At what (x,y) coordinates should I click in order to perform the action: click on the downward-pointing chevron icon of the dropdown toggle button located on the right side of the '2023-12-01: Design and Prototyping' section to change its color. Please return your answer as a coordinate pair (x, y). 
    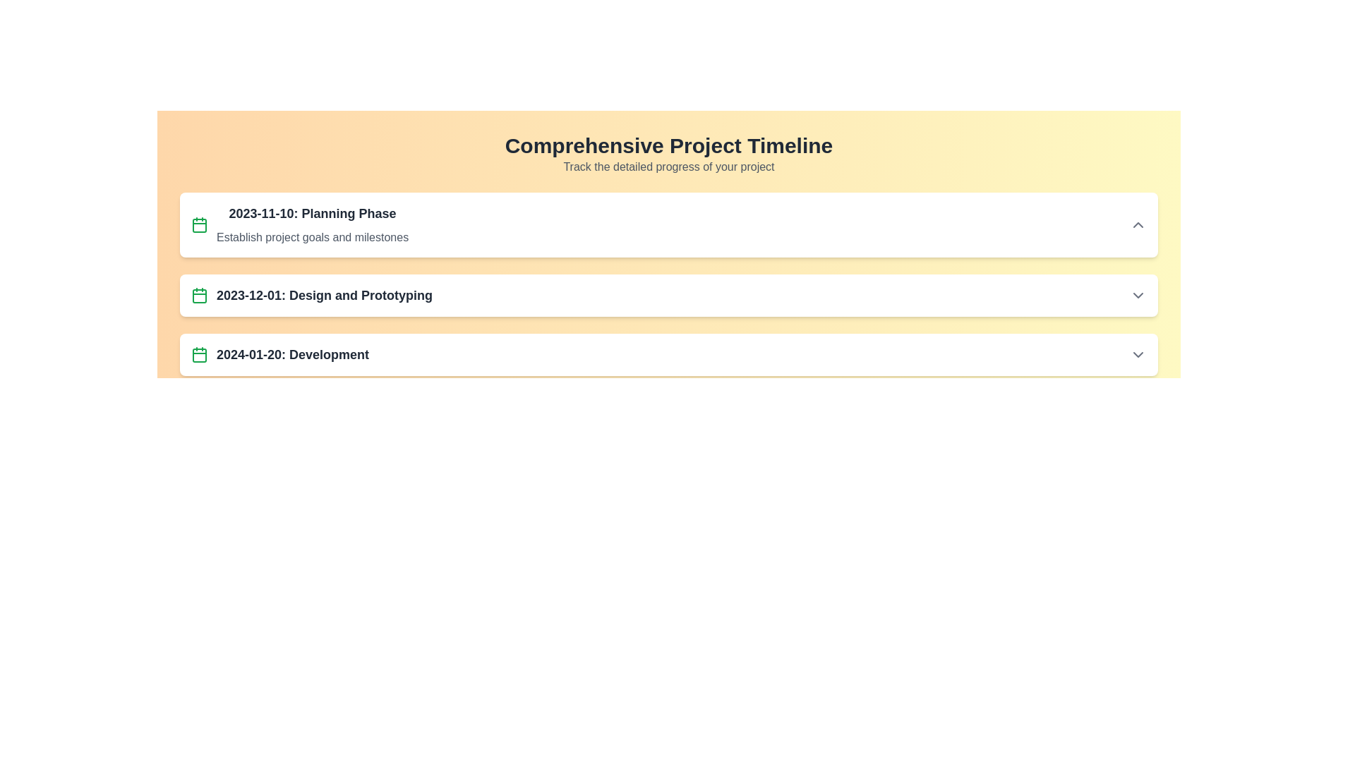
    Looking at the image, I should click on (1138, 295).